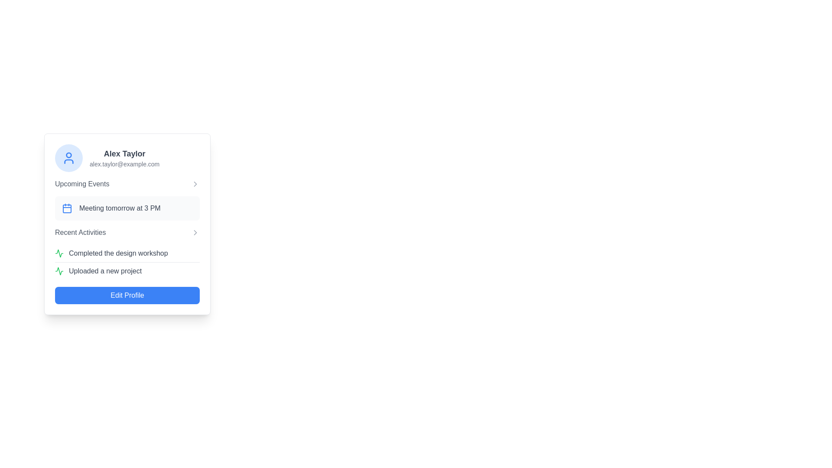  I want to click on the upper-right icon associated with 'Upcoming Events', so click(195, 183).